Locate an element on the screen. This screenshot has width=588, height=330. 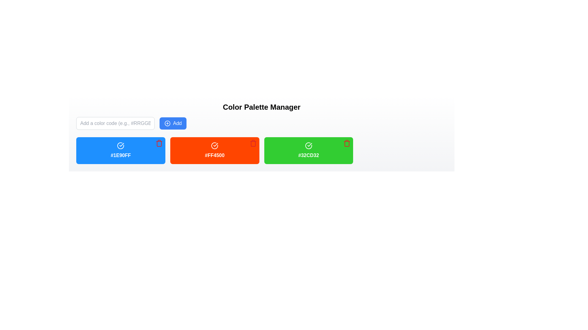
text displayed in the informational label showing the color code for the green background, located in the third block from the left, below the checkmark icon is located at coordinates (308, 155).